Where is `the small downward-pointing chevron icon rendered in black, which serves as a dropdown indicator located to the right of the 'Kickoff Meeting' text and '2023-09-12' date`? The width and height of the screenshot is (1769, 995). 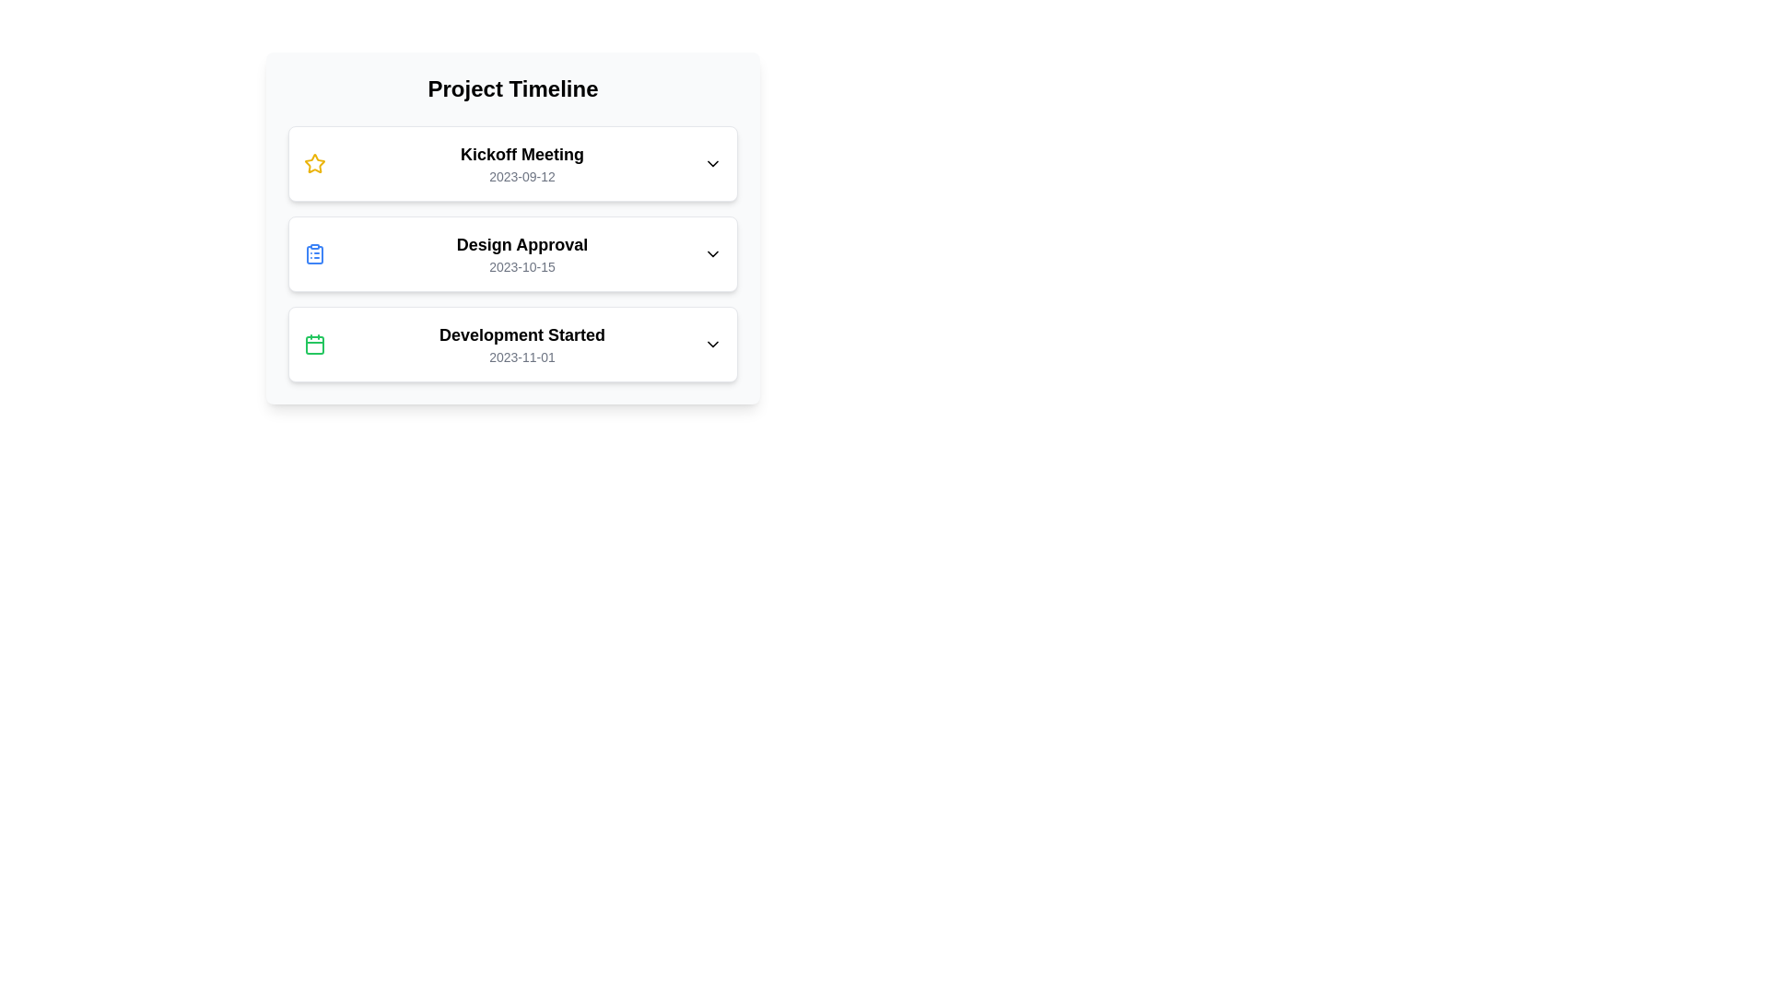
the small downward-pointing chevron icon rendered in black, which serves as a dropdown indicator located to the right of the 'Kickoff Meeting' text and '2023-09-12' date is located at coordinates (711, 162).